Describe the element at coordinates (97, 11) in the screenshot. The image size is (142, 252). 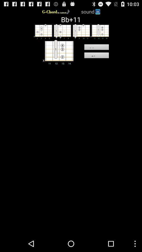
I see `item next to the sound` at that location.